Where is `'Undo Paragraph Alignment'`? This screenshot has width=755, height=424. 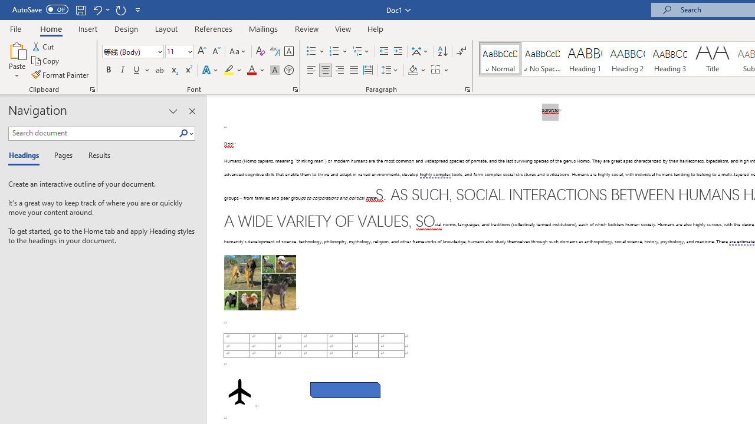 'Undo Paragraph Alignment' is located at coordinates (97, 9).